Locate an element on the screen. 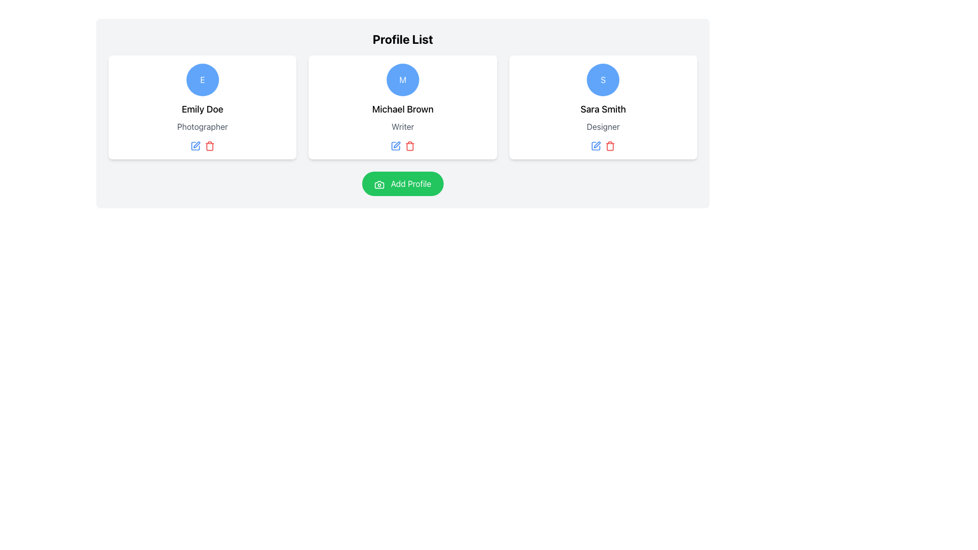 This screenshot has height=550, width=978. the circular green button located below the profiles section, which has white text and a camera icon to its left is located at coordinates (402, 184).